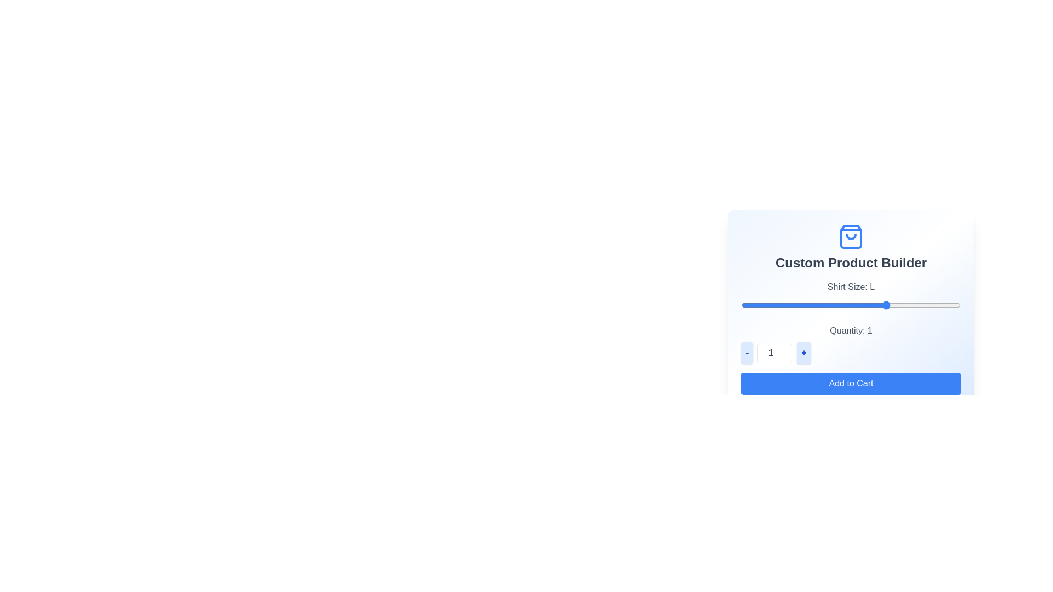  What do you see at coordinates (746, 353) in the screenshot?
I see `the decrement button located to the left of the input number field and the '+' button to reduce the numerical count` at bounding box center [746, 353].